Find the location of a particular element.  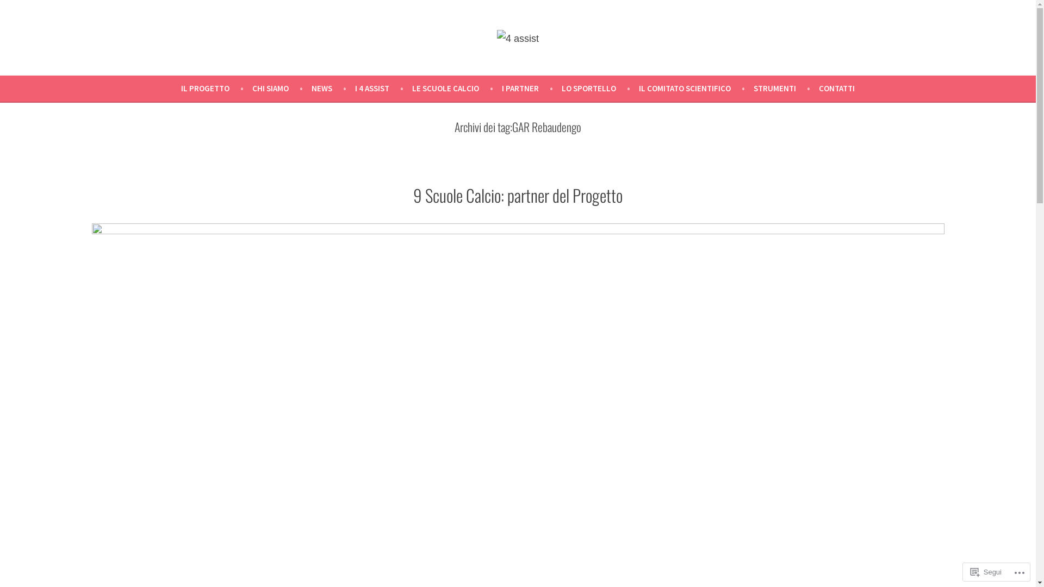

'NEWS' is located at coordinates (310, 88).